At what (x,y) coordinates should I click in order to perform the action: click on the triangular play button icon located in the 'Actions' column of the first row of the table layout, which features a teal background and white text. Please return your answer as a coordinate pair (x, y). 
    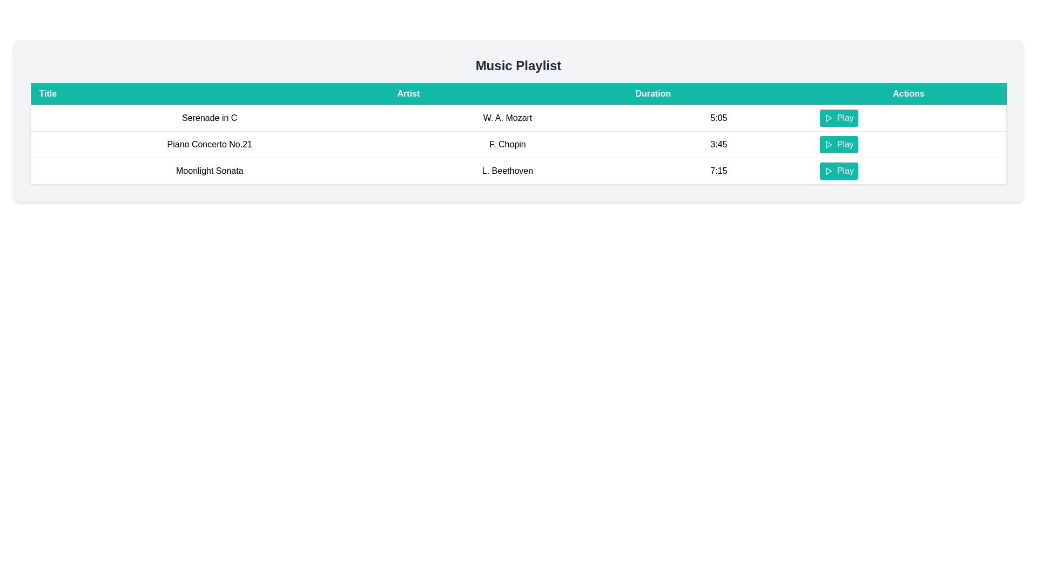
    Looking at the image, I should click on (827, 118).